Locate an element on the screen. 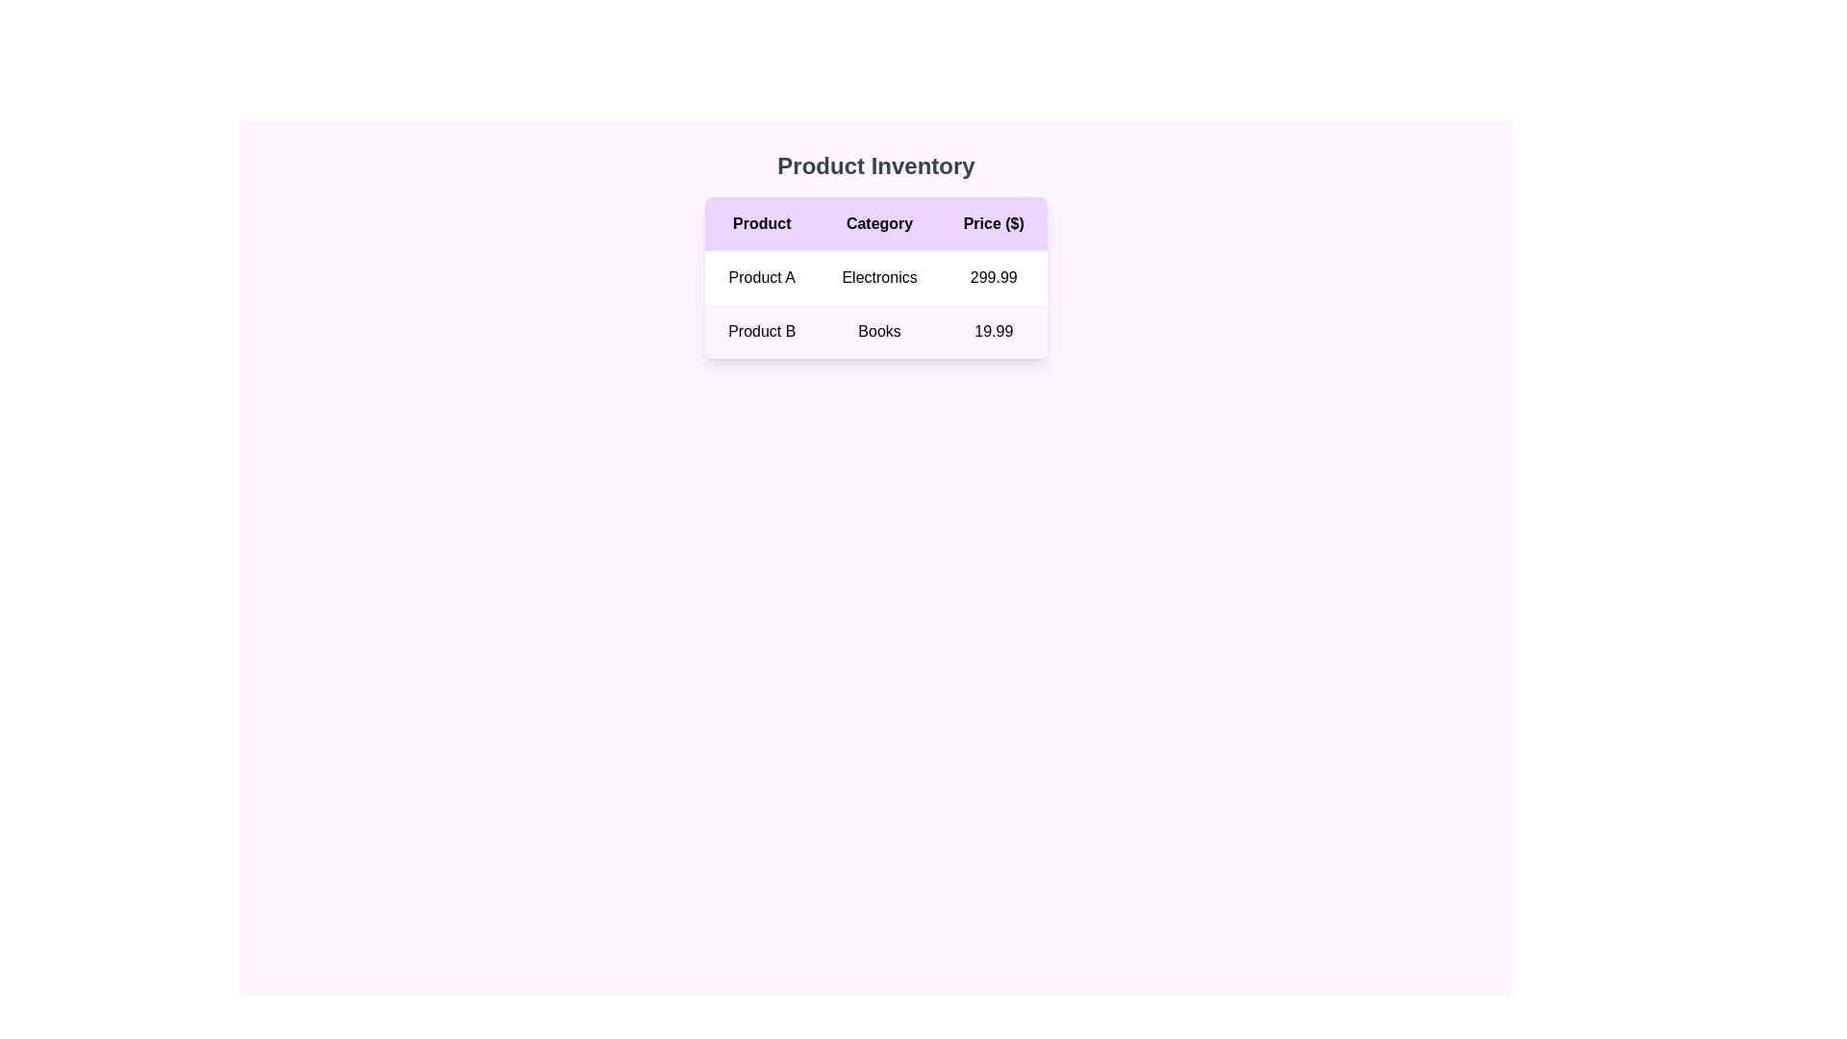  the static text field displaying the numeric text '19.99' which is styled with a clean font and is located in a light purple background under the 'Price ($)' column for 'Product B' is located at coordinates (994, 330).